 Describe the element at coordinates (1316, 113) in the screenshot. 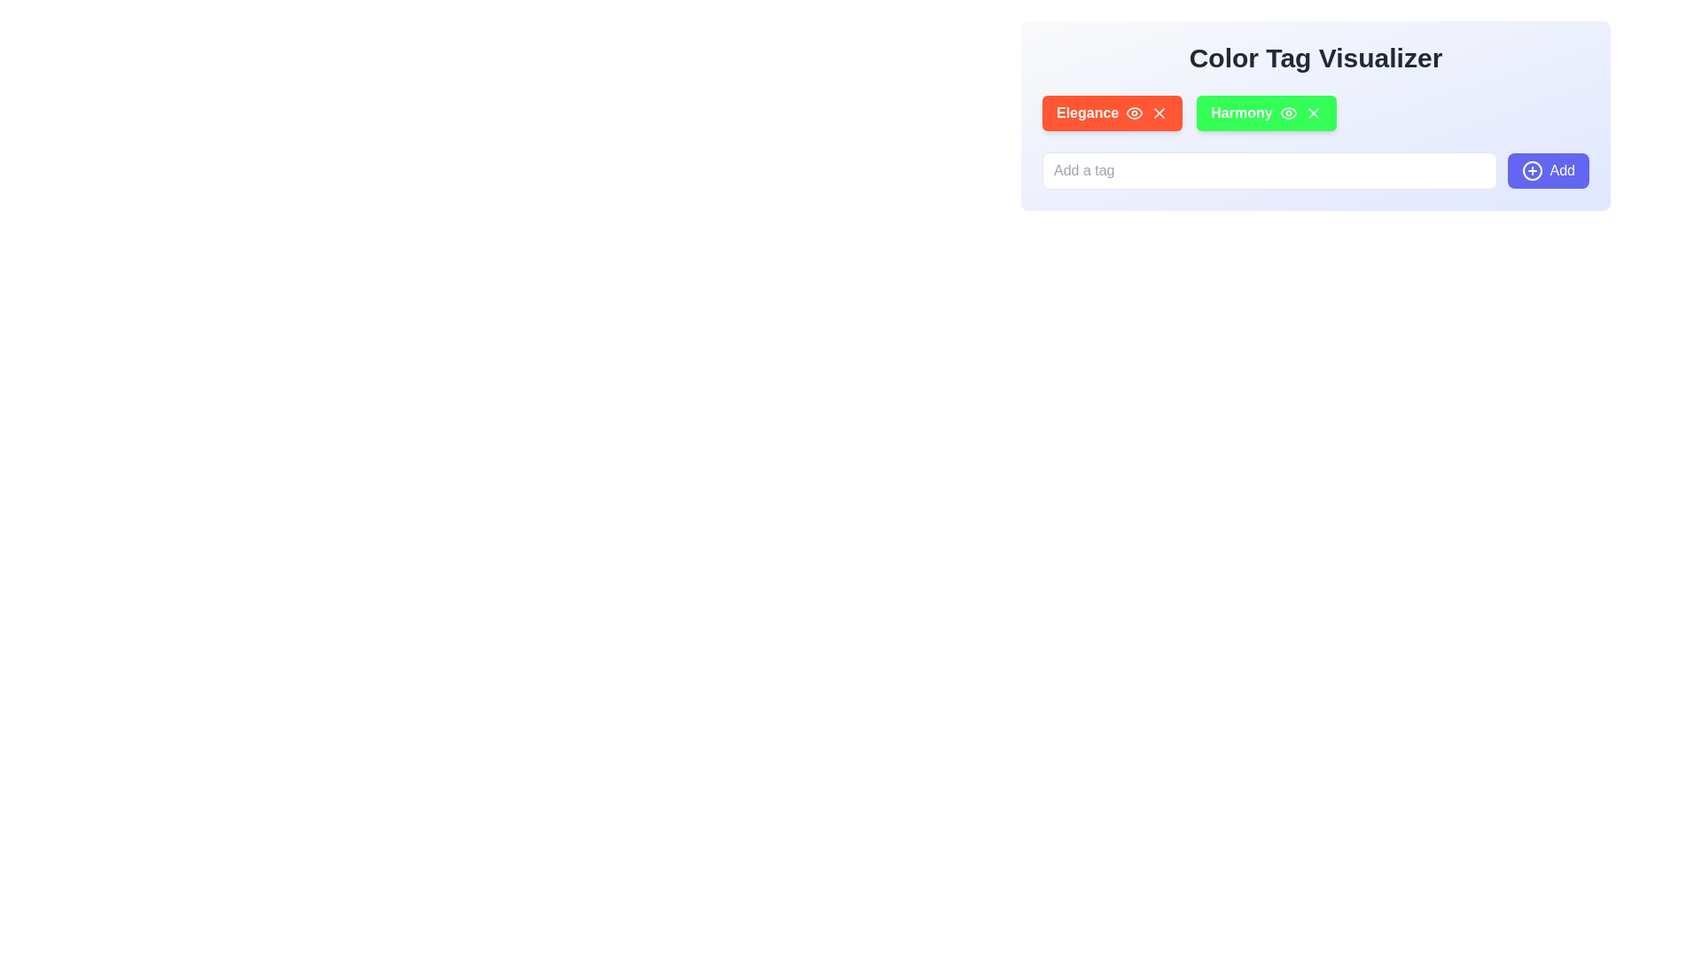

I see `the interactive buttons in the Tag display element located beneath the 'Color Tag Visualizer' title` at that location.